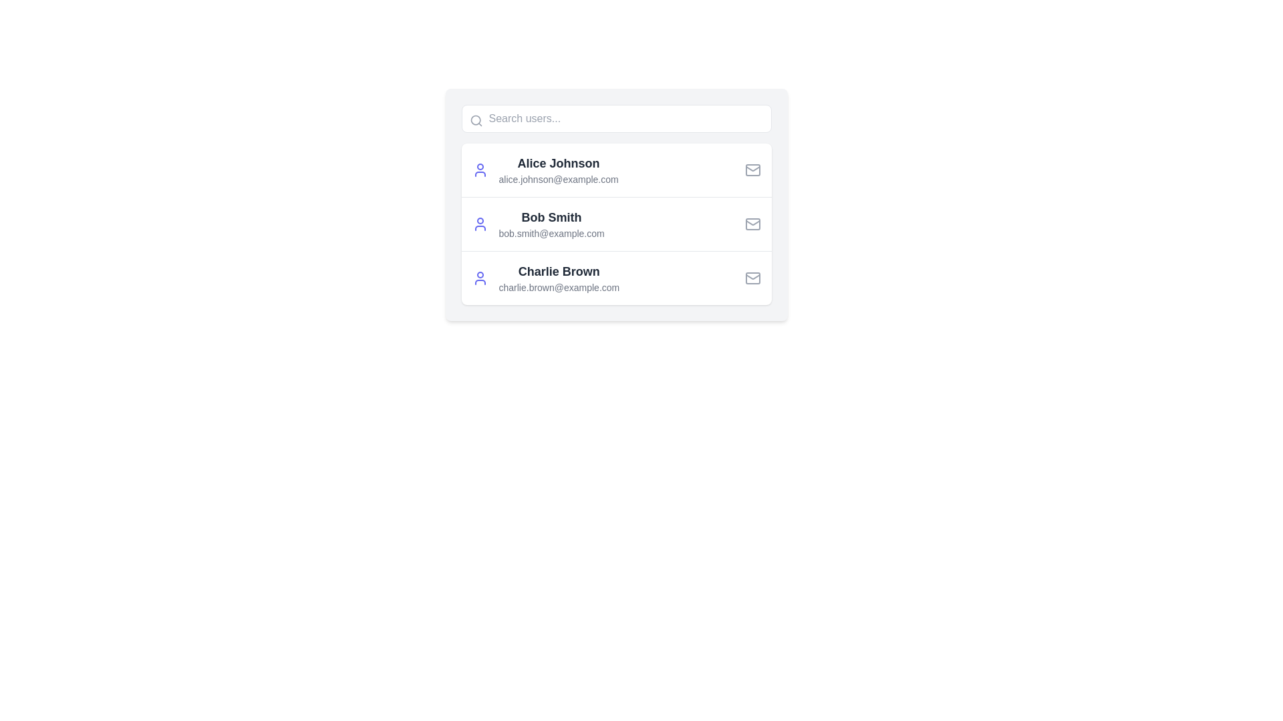 This screenshot has width=1283, height=721. What do you see at coordinates (615, 169) in the screenshot?
I see `the contact list item displaying 'Alice Johnson'` at bounding box center [615, 169].